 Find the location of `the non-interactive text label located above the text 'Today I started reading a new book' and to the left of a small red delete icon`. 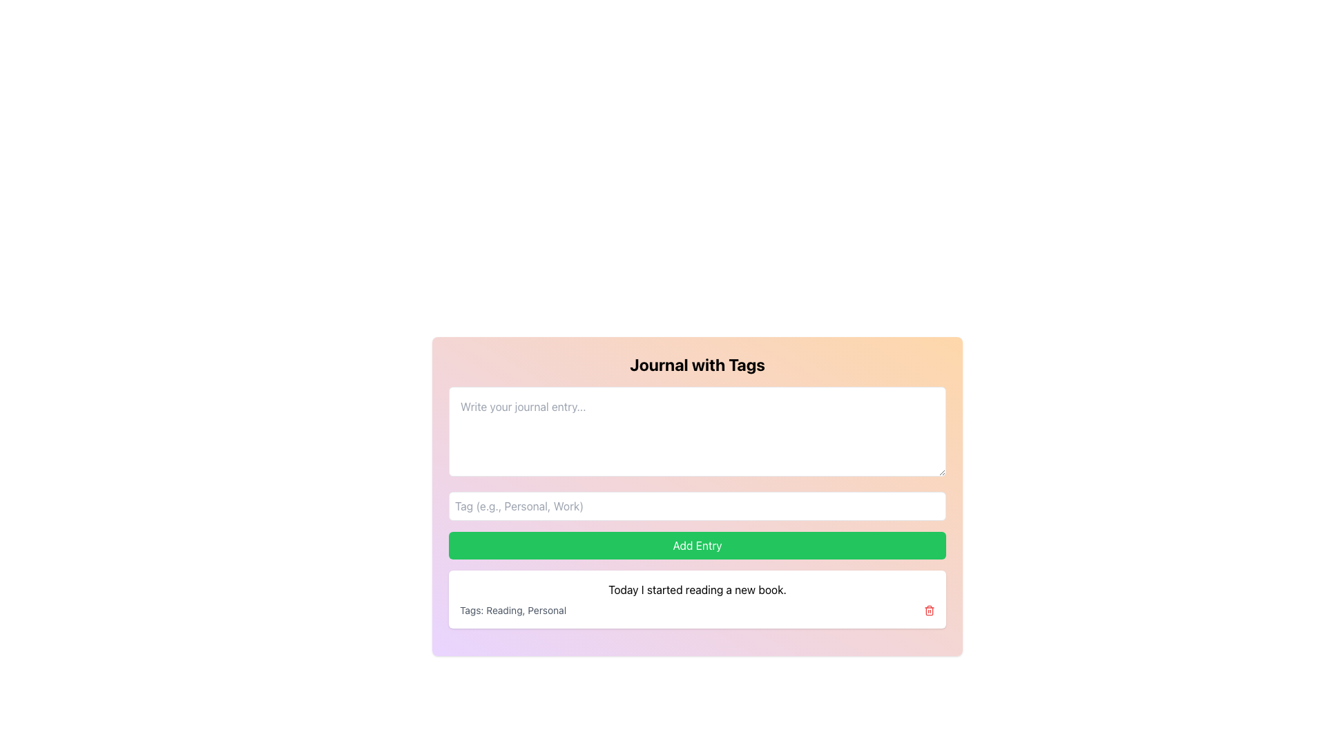

the non-interactive text label located above the text 'Today I started reading a new book' and to the left of a small red delete icon is located at coordinates (512, 609).